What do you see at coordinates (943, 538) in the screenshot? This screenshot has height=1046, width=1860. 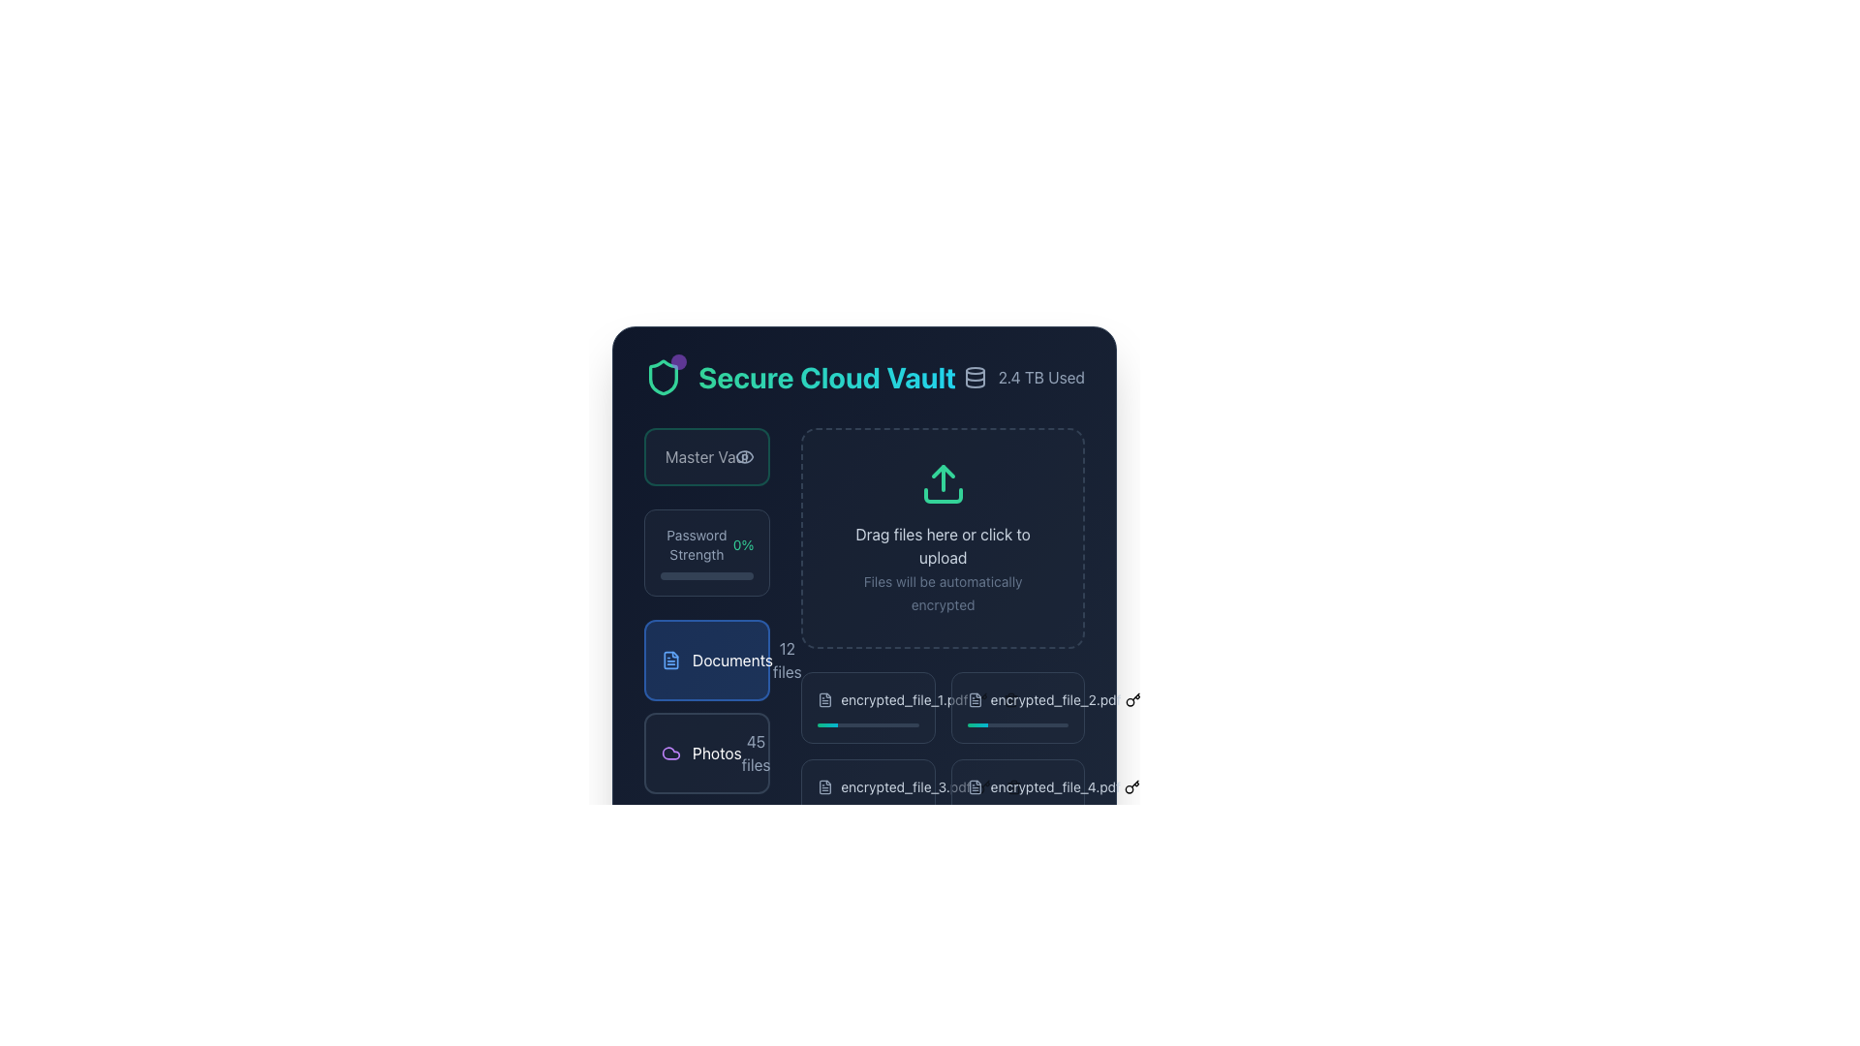 I see `the interactive area for file upload, which is a centered area with a dashed border and an upward arrow icon` at bounding box center [943, 538].